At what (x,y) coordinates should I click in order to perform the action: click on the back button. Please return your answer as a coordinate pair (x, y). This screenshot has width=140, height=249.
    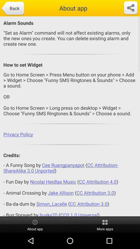
    Looking at the image, I should click on (12, 8).